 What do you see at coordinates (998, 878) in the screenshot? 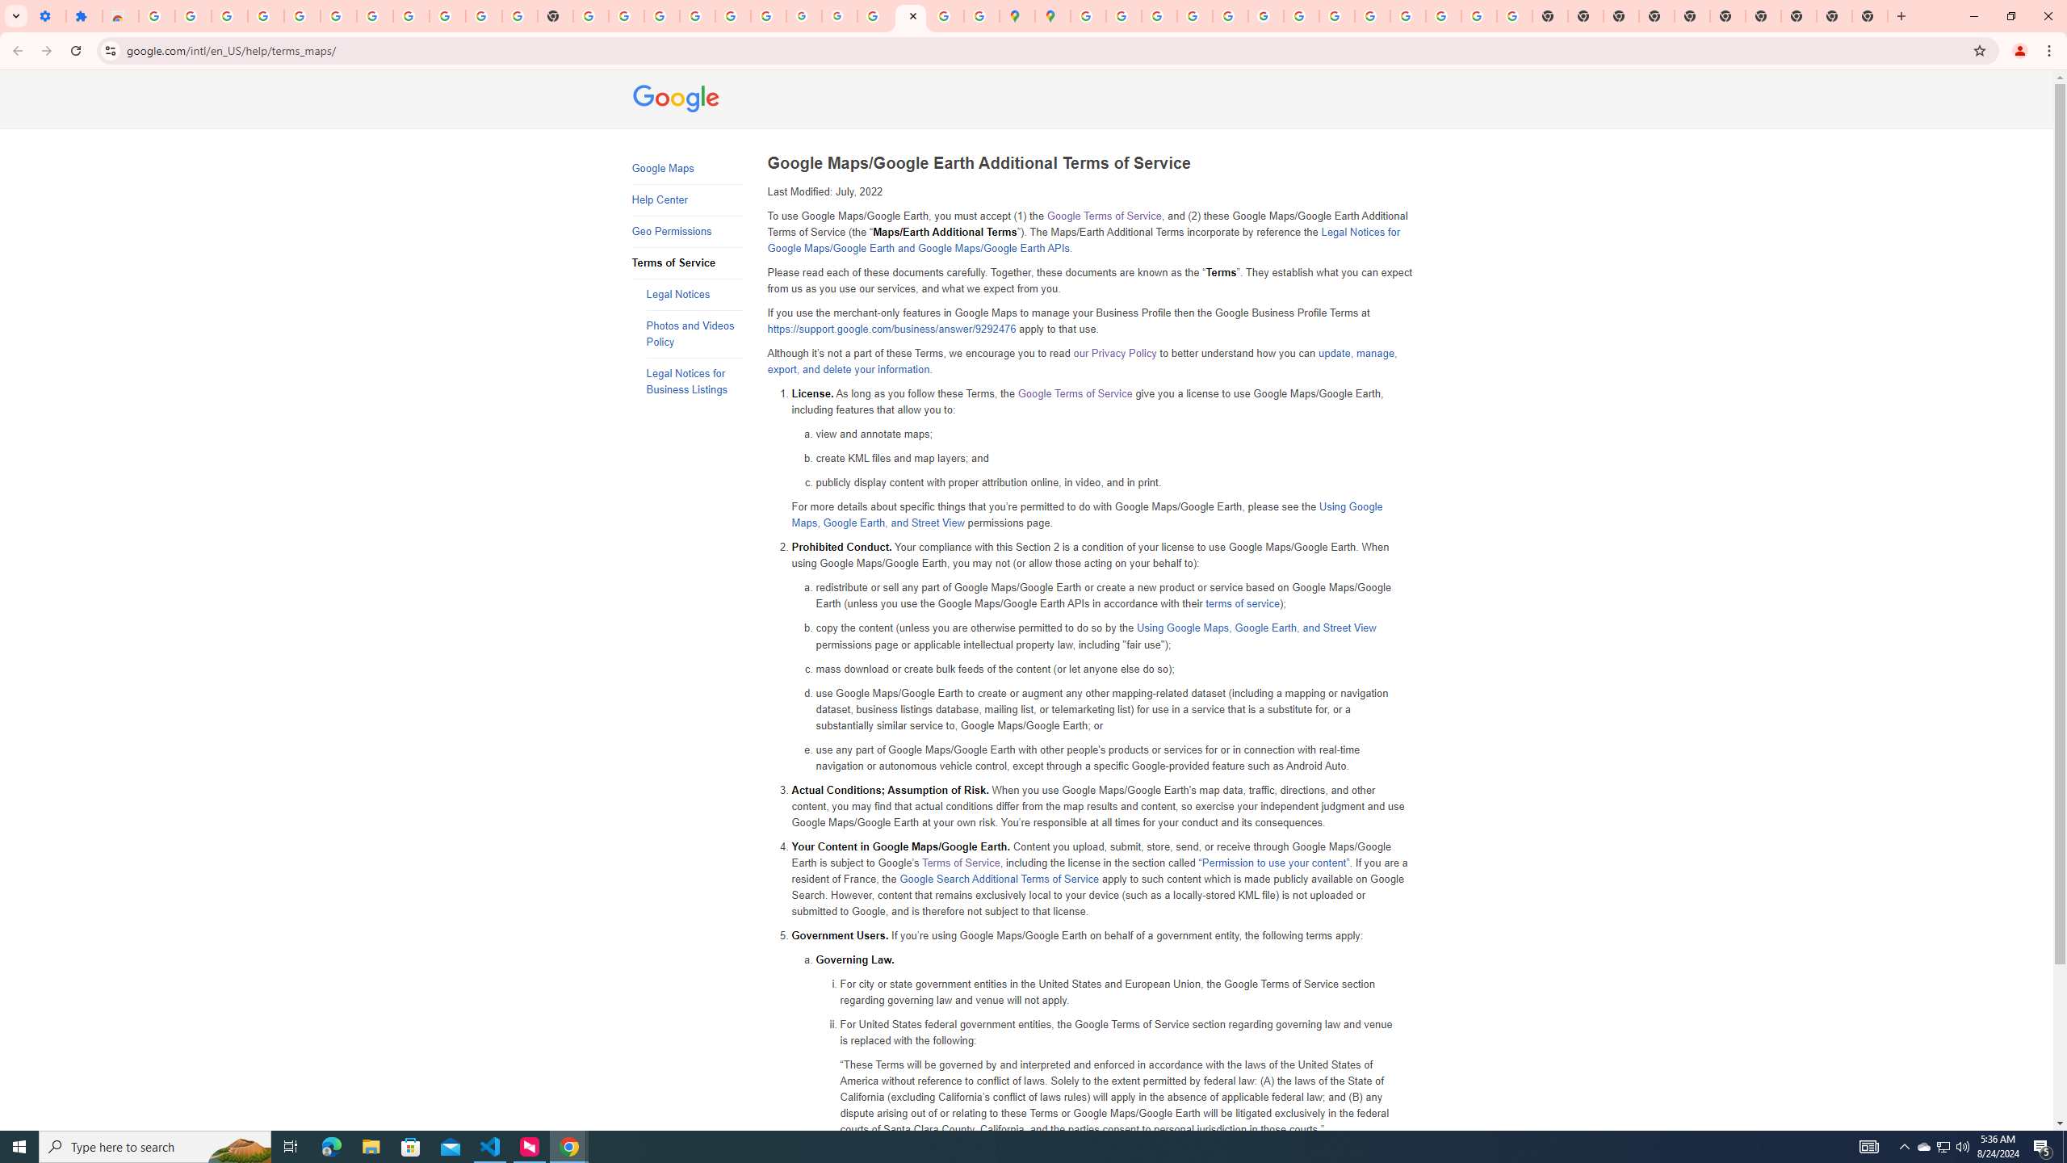
I see `'Google Search Additional Terms of Service'` at bounding box center [998, 878].